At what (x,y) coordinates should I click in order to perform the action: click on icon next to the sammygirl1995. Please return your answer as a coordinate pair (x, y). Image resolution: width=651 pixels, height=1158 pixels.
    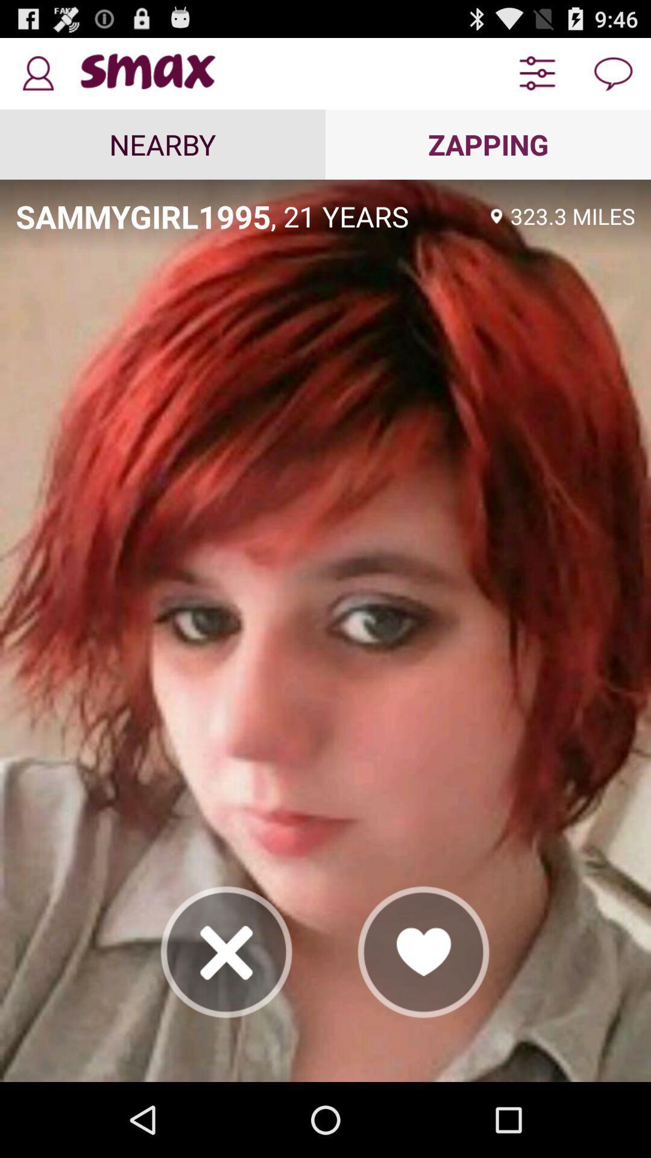
    Looking at the image, I should click on (376, 216).